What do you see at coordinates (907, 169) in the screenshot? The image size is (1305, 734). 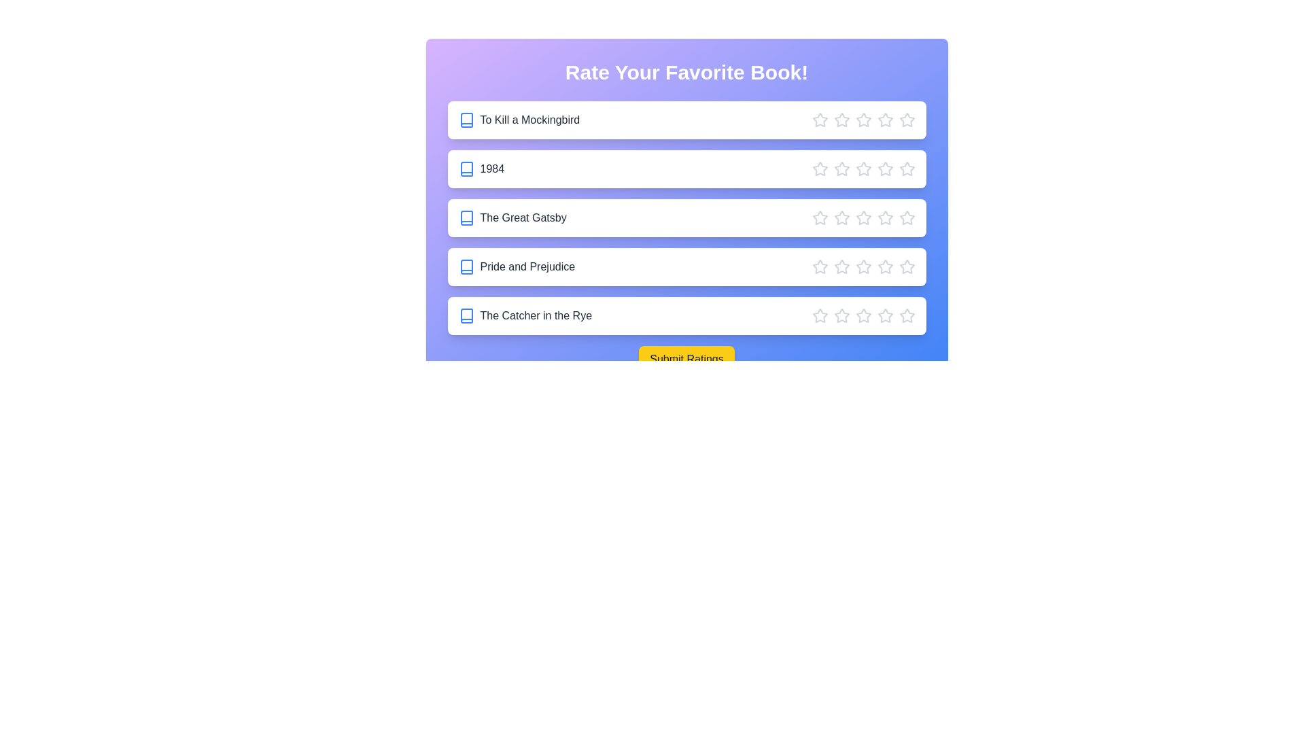 I see `the star corresponding to 5 stars for the book 1984` at bounding box center [907, 169].